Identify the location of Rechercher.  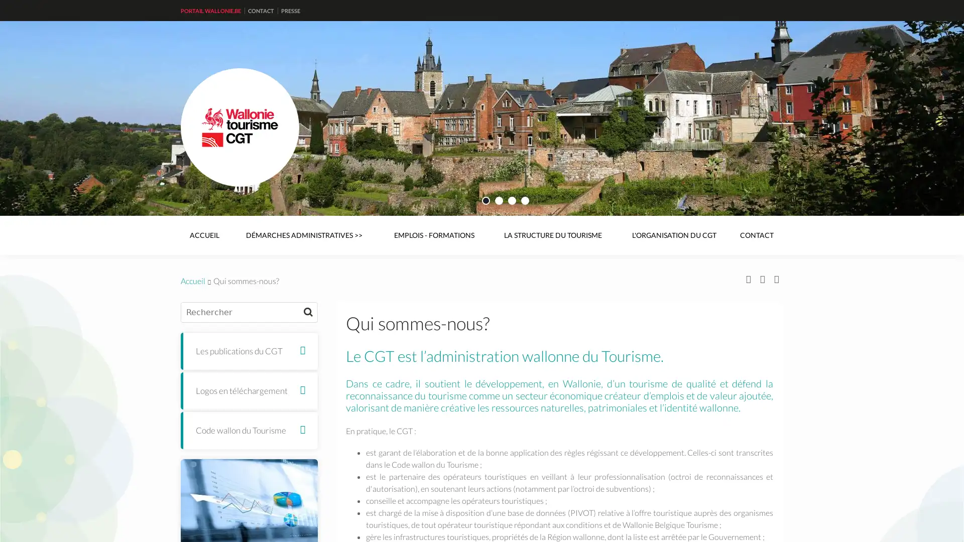
(308, 311).